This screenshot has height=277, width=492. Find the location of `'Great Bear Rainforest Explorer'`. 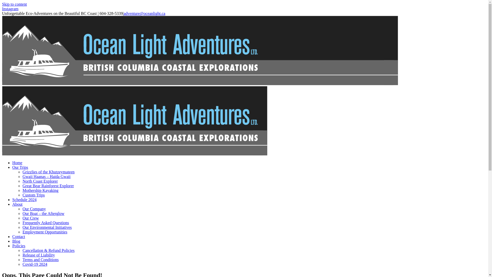

'Great Bear Rainforest Explorer' is located at coordinates (48, 186).